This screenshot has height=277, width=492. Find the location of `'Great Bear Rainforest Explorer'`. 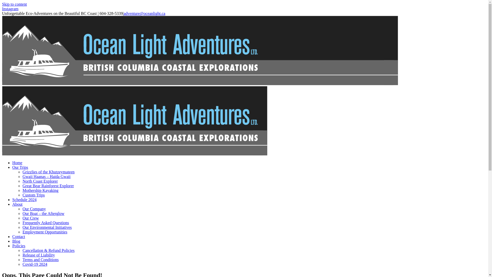

'Great Bear Rainforest Explorer' is located at coordinates (48, 186).